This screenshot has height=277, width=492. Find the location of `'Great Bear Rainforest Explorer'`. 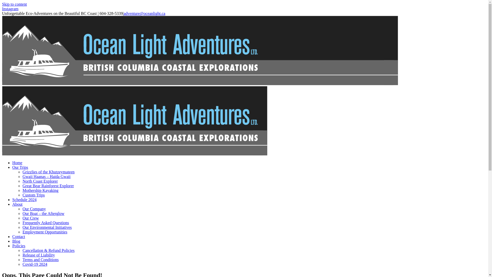

'Great Bear Rainforest Explorer' is located at coordinates (48, 186).